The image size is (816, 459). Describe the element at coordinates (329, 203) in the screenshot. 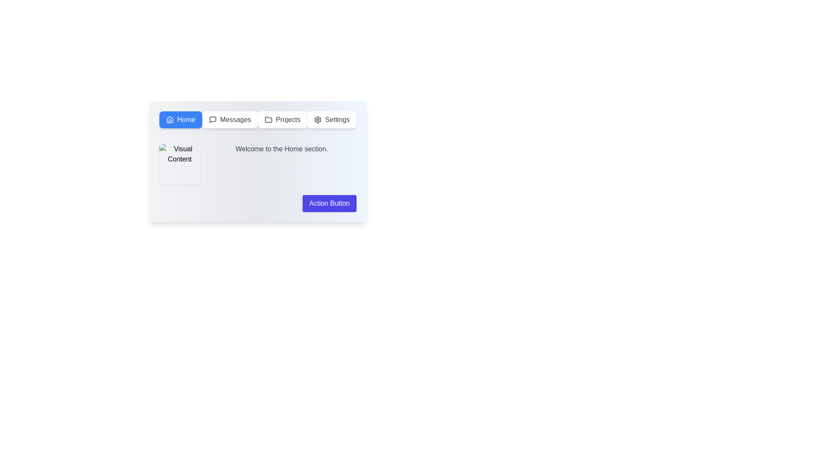

I see `the 'Action Button' which is a rectangular button with a vibrant indigo background and white text, located in the lower-right corner of the interface` at that location.